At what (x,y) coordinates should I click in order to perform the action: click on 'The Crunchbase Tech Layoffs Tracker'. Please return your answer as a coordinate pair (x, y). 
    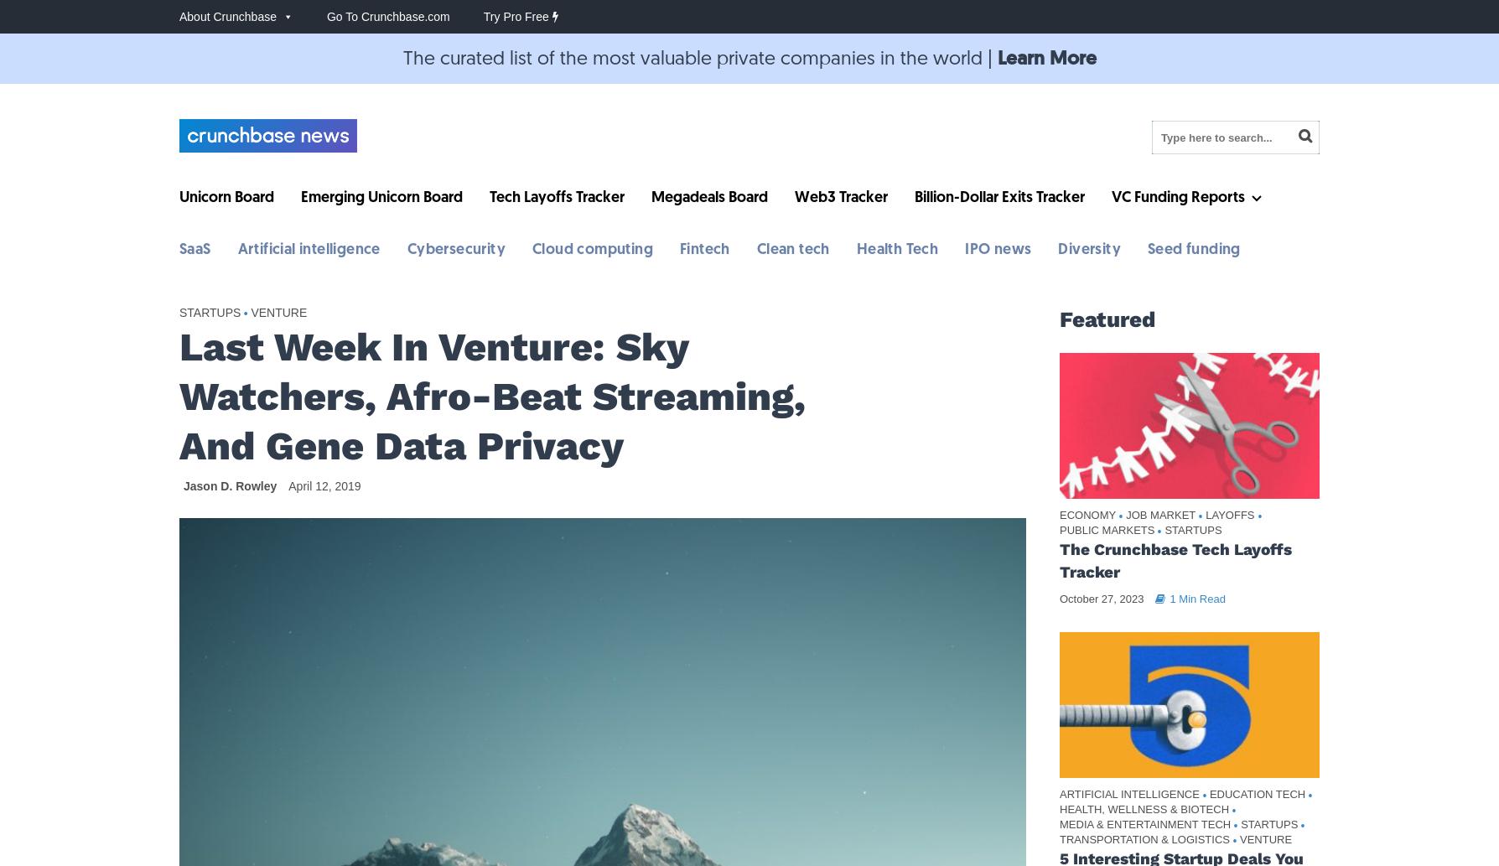
    Looking at the image, I should click on (1175, 559).